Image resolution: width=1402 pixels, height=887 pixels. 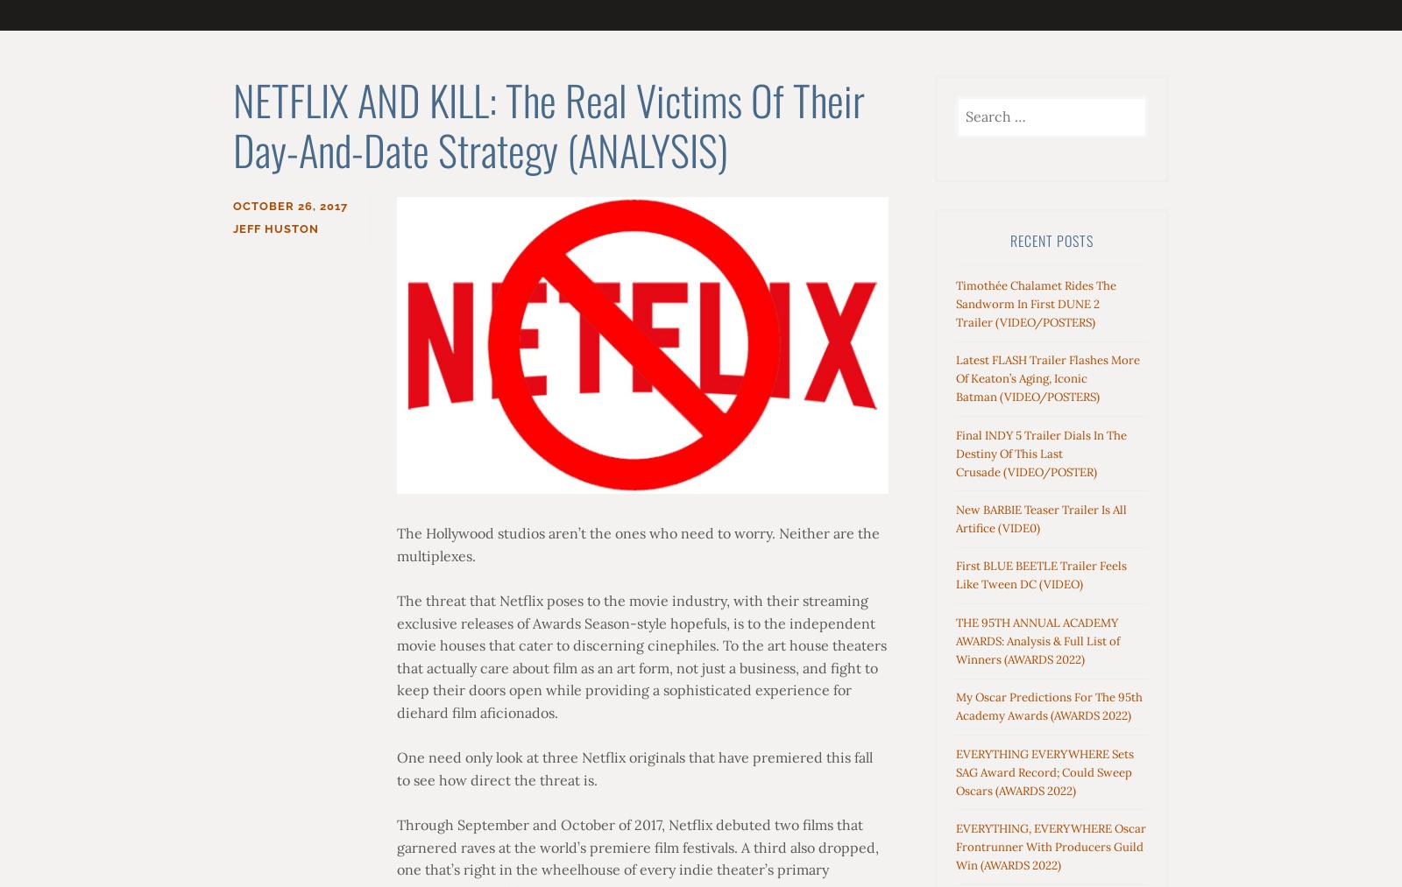 I want to click on 'First BLUE BEETLE Trailer Feels Like Tween DC (VIDEO)', so click(x=1041, y=574).